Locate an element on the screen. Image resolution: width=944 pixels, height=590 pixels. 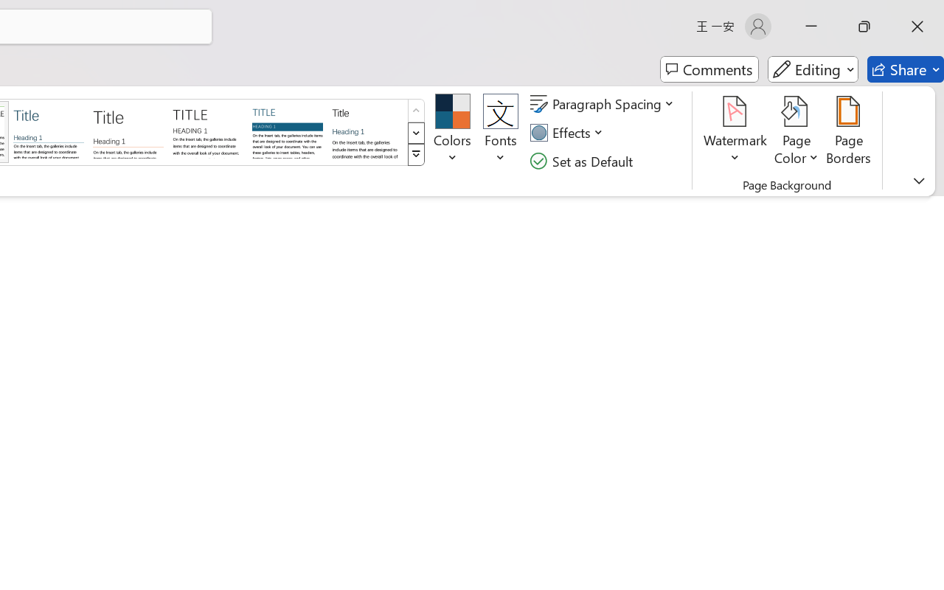
'Close' is located at coordinates (917, 26).